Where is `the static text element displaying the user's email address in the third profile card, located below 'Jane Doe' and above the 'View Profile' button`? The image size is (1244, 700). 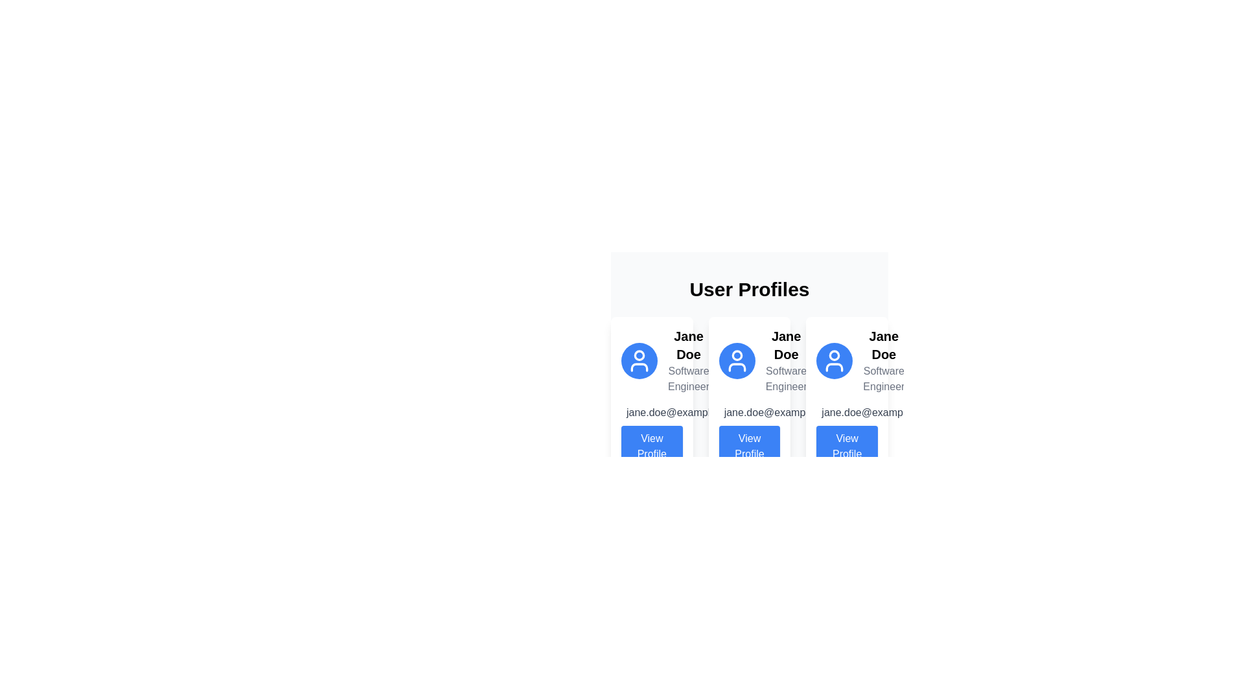
the static text element displaying the user's email address in the third profile card, located below 'Jane Doe' and above the 'View Profile' button is located at coordinates (877, 412).